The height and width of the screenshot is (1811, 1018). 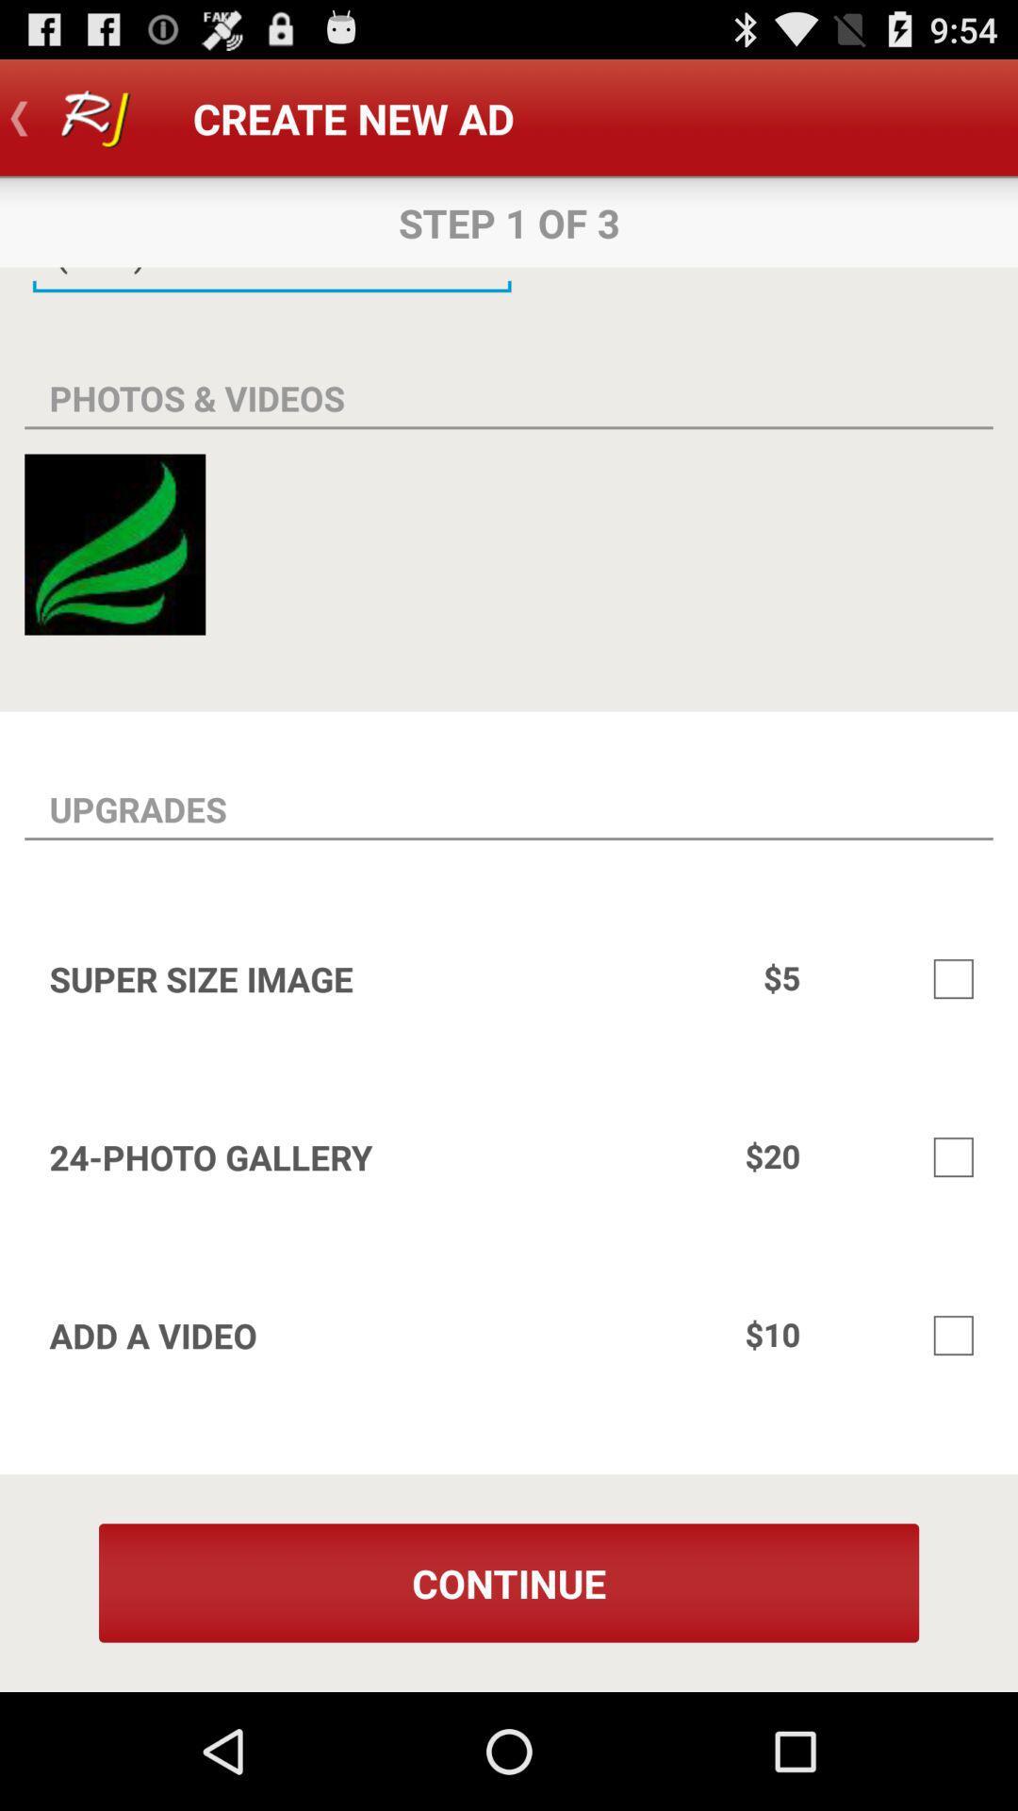 What do you see at coordinates (953, 978) in the screenshot?
I see `super sized image` at bounding box center [953, 978].